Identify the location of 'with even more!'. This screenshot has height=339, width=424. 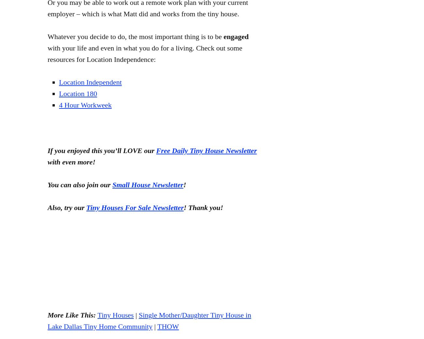
(71, 162).